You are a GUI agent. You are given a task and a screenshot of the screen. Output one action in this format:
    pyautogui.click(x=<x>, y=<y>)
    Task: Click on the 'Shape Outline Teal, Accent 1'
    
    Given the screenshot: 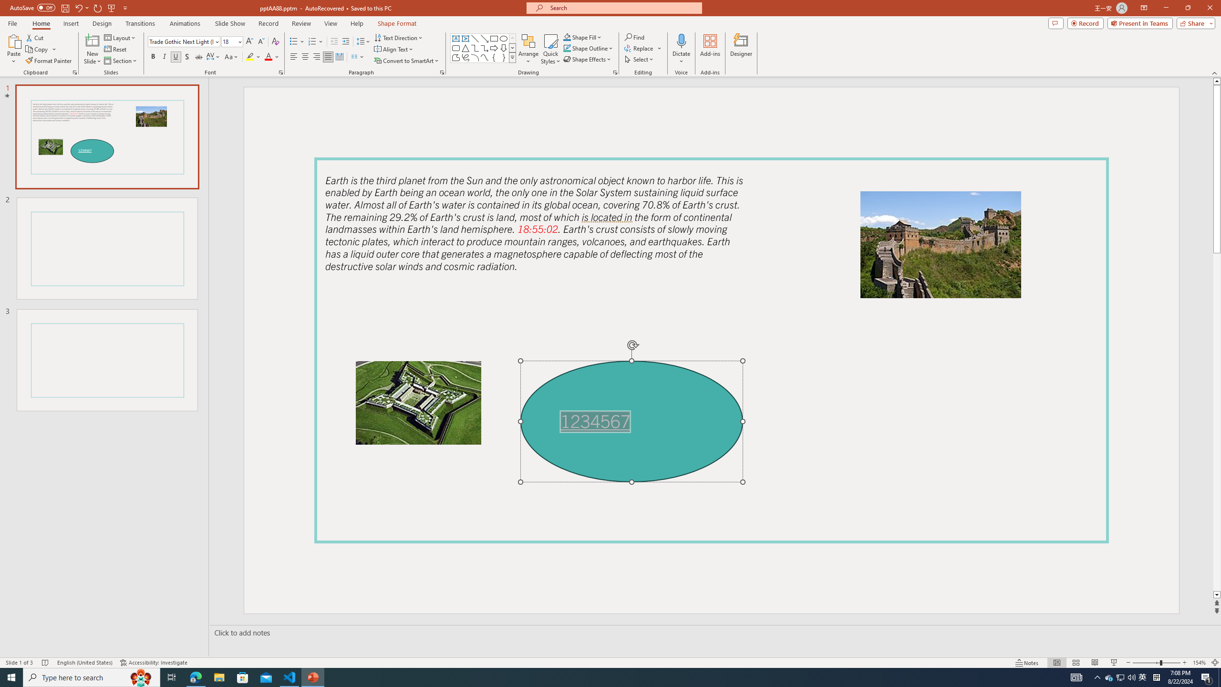 What is the action you would take?
    pyautogui.click(x=567, y=47)
    